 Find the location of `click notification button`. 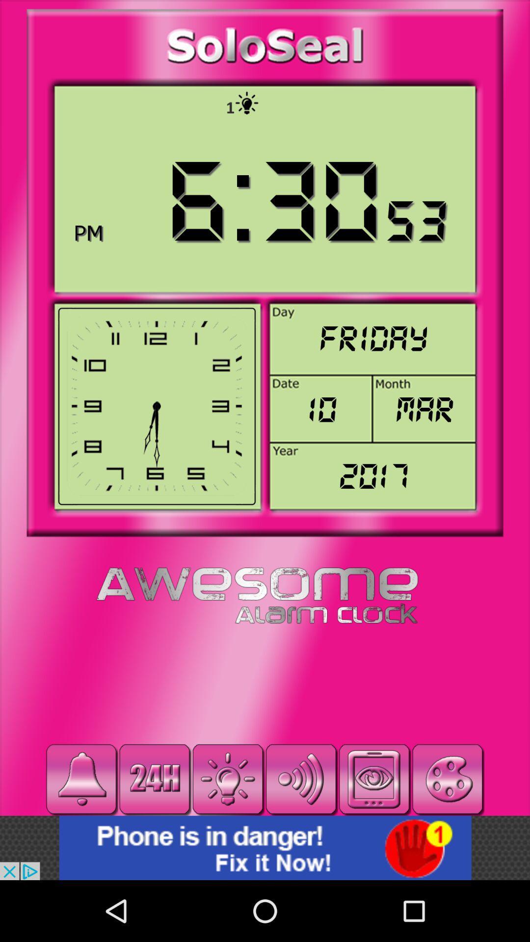

click notification button is located at coordinates (81, 779).